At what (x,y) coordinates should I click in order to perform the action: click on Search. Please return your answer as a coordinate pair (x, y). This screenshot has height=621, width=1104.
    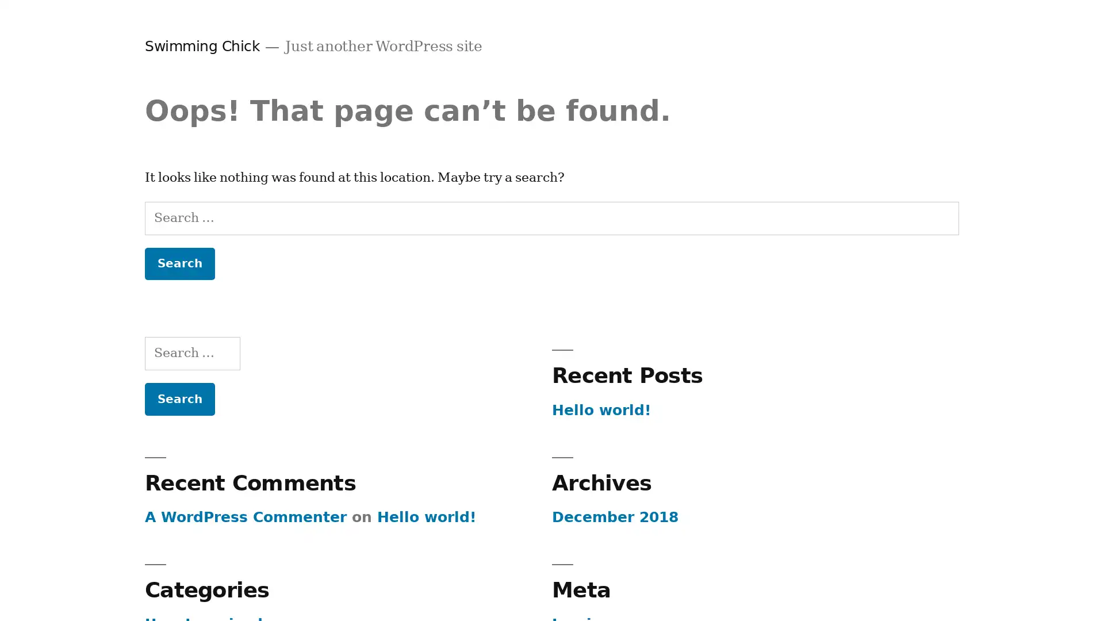
    Looking at the image, I should click on (179, 263).